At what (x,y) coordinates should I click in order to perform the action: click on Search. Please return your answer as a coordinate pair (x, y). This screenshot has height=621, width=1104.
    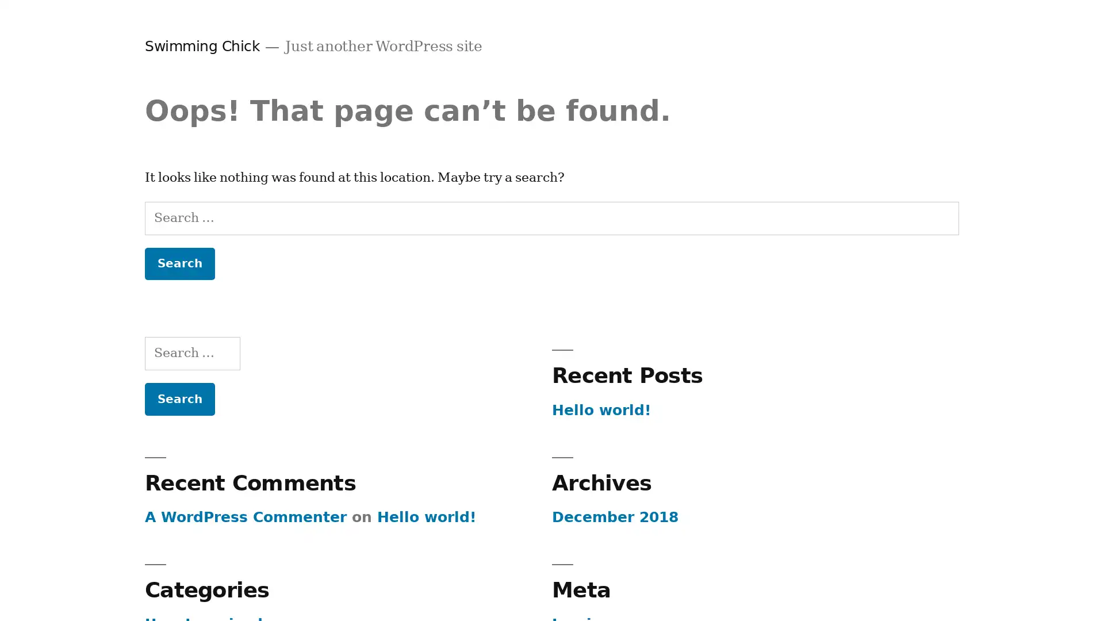
    Looking at the image, I should click on (179, 263).